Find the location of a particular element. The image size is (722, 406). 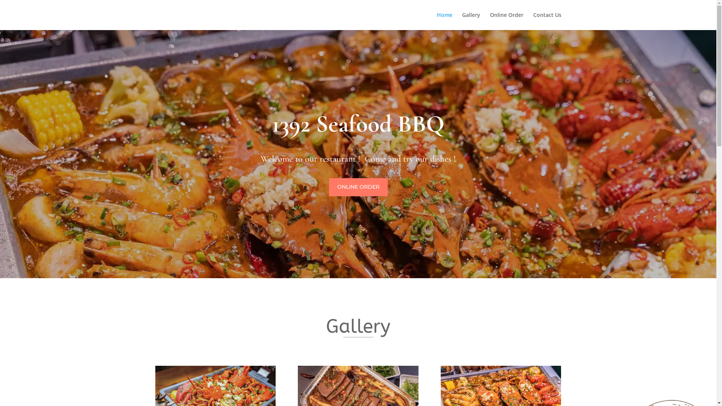

'Home' is located at coordinates (444, 21).